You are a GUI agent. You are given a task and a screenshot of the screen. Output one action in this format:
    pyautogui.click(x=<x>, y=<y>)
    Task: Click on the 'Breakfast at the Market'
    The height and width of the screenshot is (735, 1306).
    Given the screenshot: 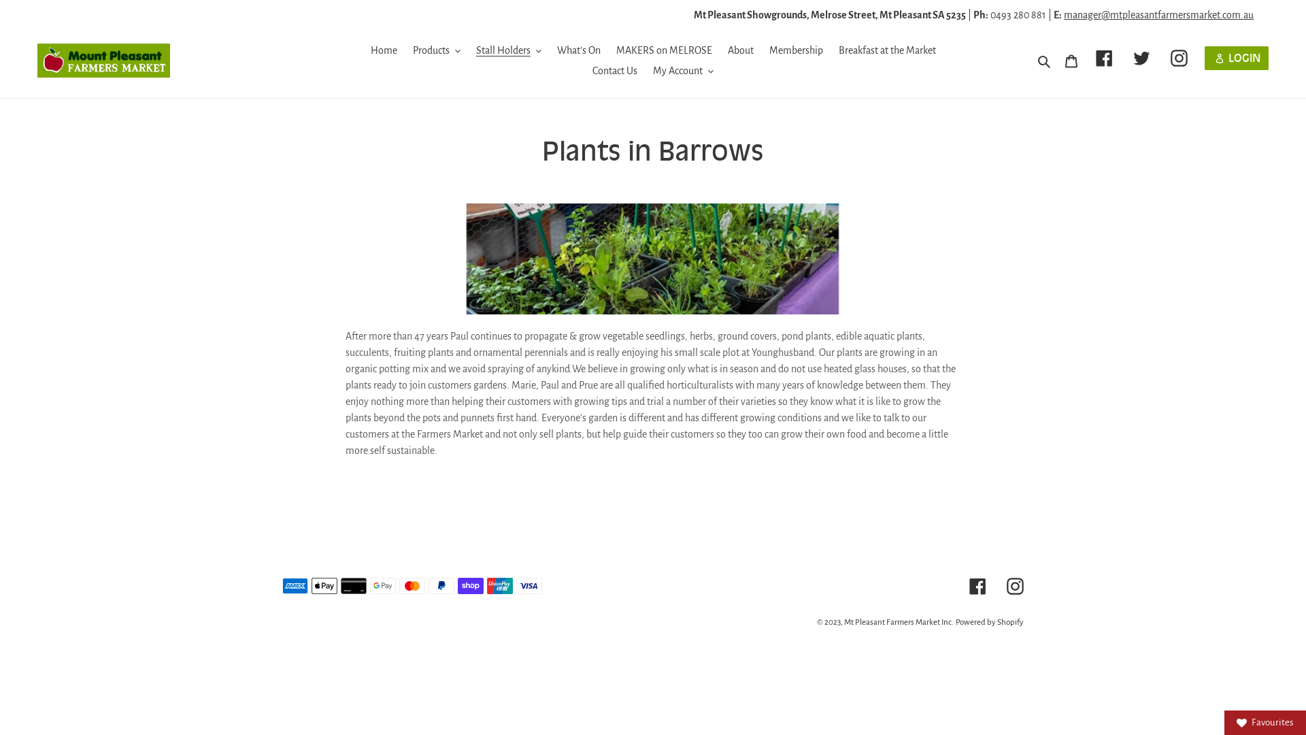 What is the action you would take?
    pyautogui.click(x=831, y=49)
    